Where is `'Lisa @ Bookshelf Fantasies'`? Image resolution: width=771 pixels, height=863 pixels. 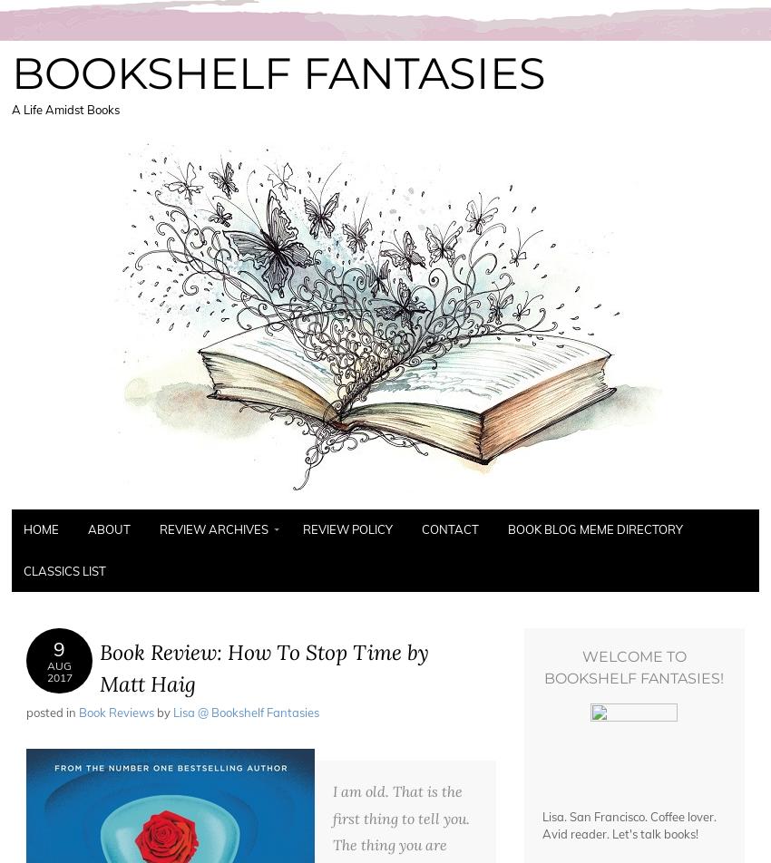 'Lisa @ Bookshelf Fantasies' is located at coordinates (245, 712).